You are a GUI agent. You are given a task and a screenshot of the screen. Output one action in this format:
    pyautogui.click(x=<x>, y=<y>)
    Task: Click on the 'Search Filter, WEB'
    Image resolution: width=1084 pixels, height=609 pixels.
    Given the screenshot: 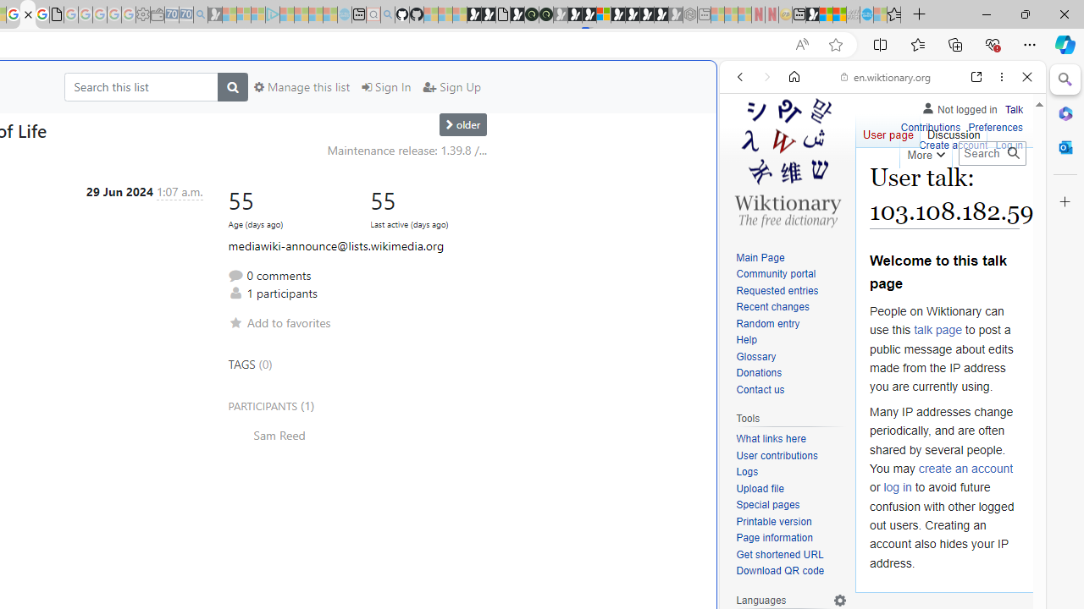 What is the action you would take?
    pyautogui.click(x=746, y=192)
    